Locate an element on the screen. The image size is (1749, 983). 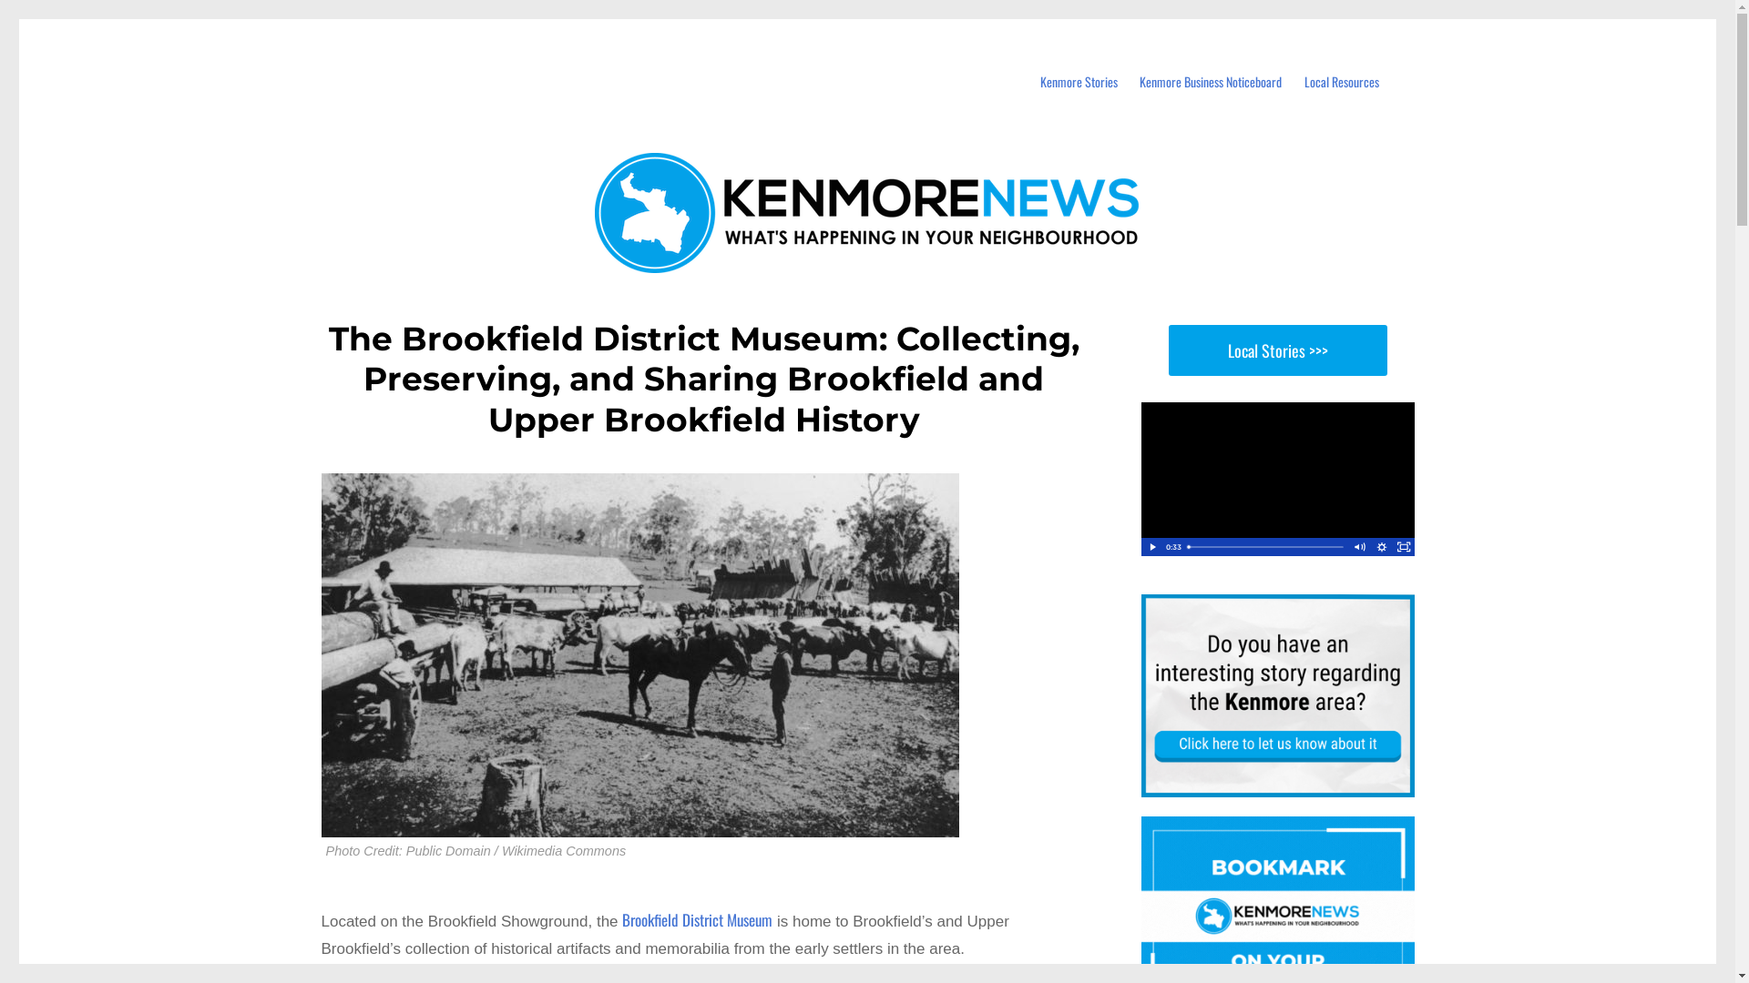
'Play Video' is located at coordinates (1150, 546).